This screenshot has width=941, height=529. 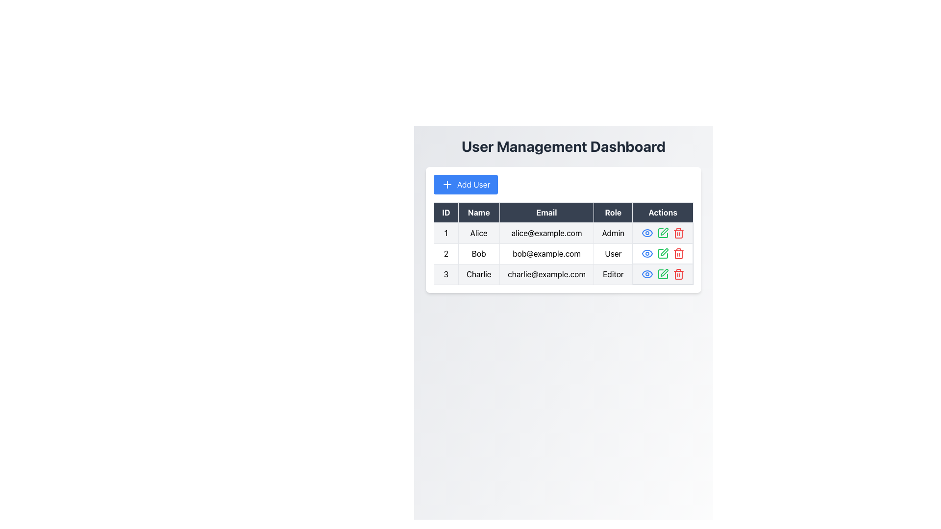 What do you see at coordinates (613, 212) in the screenshot?
I see `the 'Role' header label in the table which is styled with a bordered box and is positioned between the 'Email' and 'Actions' labels` at bounding box center [613, 212].